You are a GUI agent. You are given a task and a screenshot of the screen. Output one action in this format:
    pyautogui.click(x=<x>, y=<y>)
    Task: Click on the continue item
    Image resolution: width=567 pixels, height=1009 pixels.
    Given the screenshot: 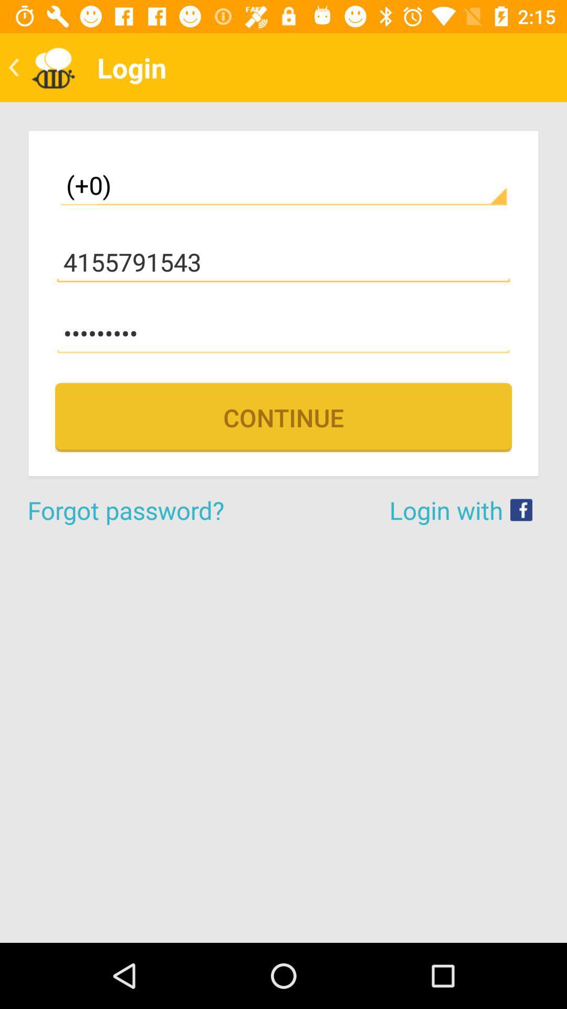 What is the action you would take?
    pyautogui.click(x=283, y=417)
    